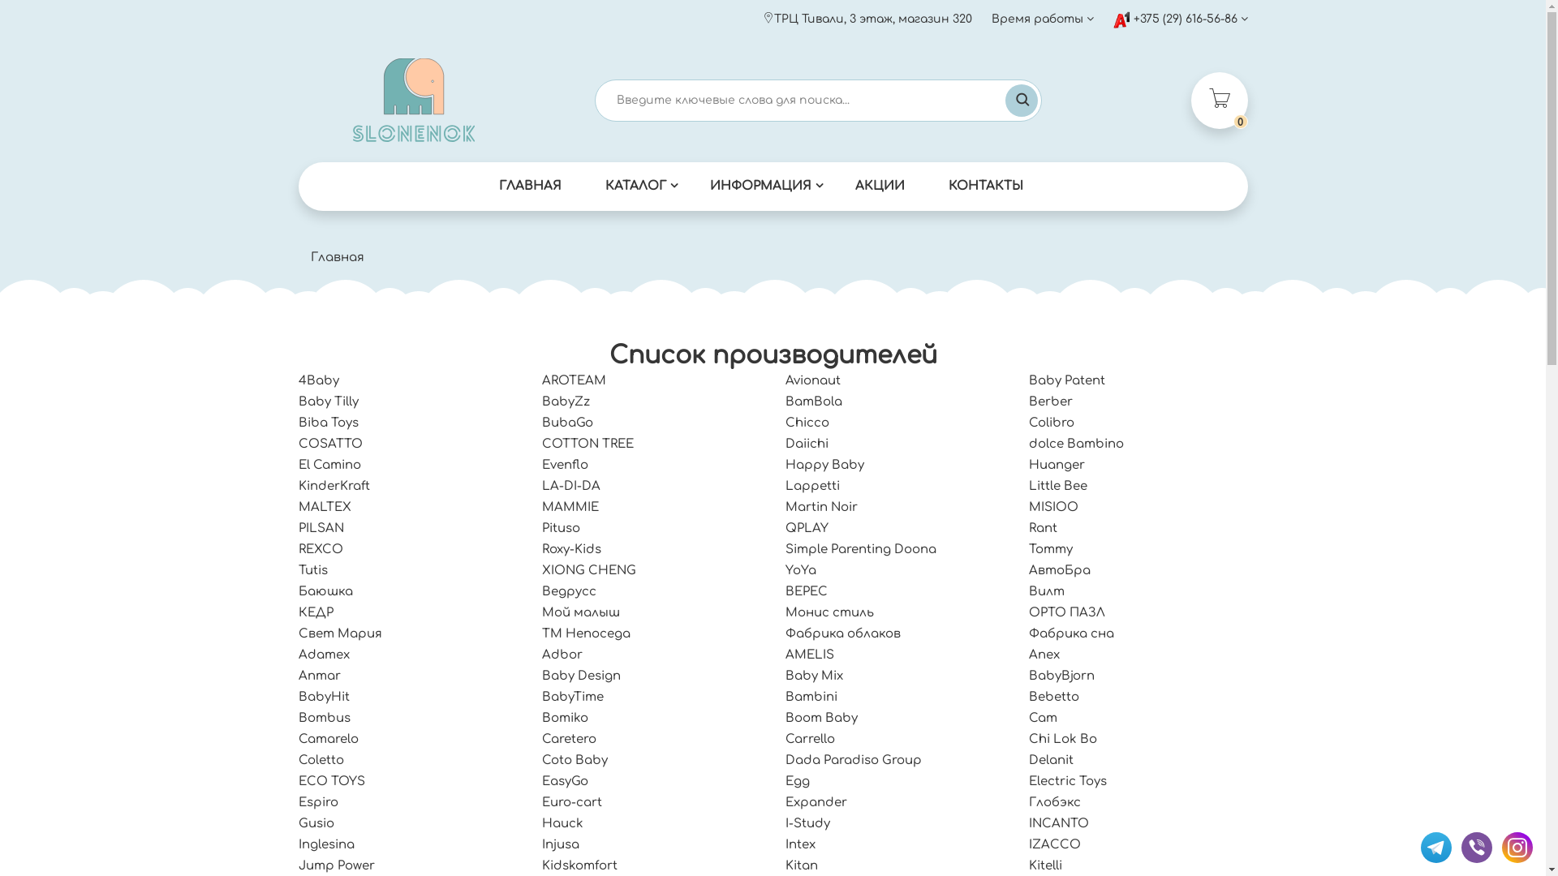  What do you see at coordinates (807, 823) in the screenshot?
I see `'I-Study'` at bounding box center [807, 823].